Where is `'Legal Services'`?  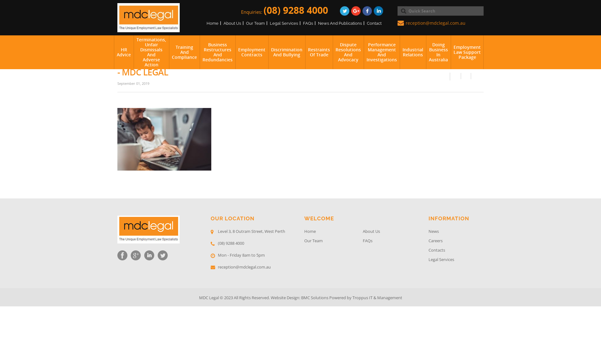 'Legal Services' is located at coordinates (456, 260).